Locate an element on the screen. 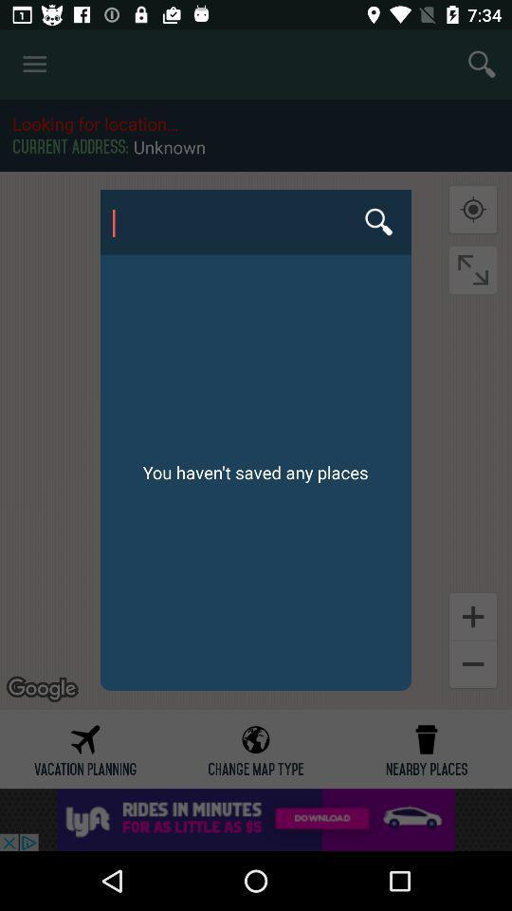 The width and height of the screenshot is (512, 911). icon above you haven t item is located at coordinates (255, 222).